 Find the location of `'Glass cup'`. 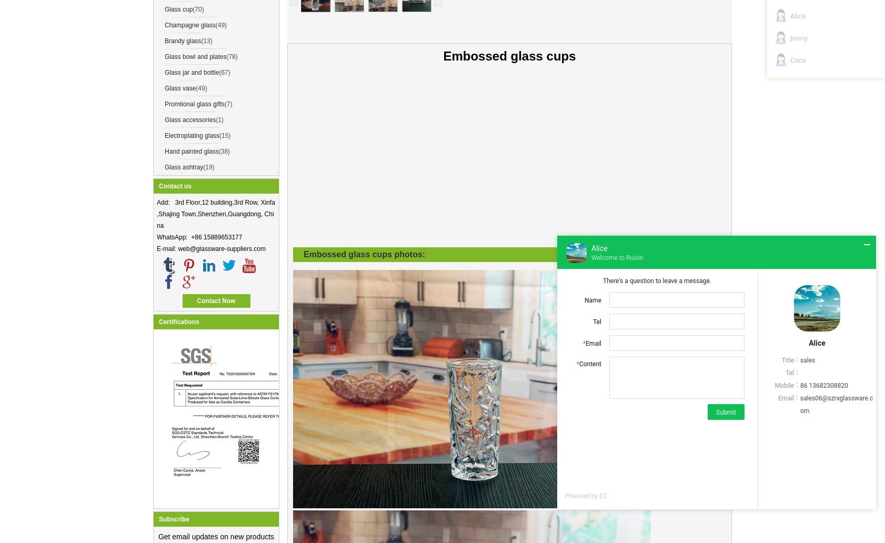

'Glass cup' is located at coordinates (178, 9).